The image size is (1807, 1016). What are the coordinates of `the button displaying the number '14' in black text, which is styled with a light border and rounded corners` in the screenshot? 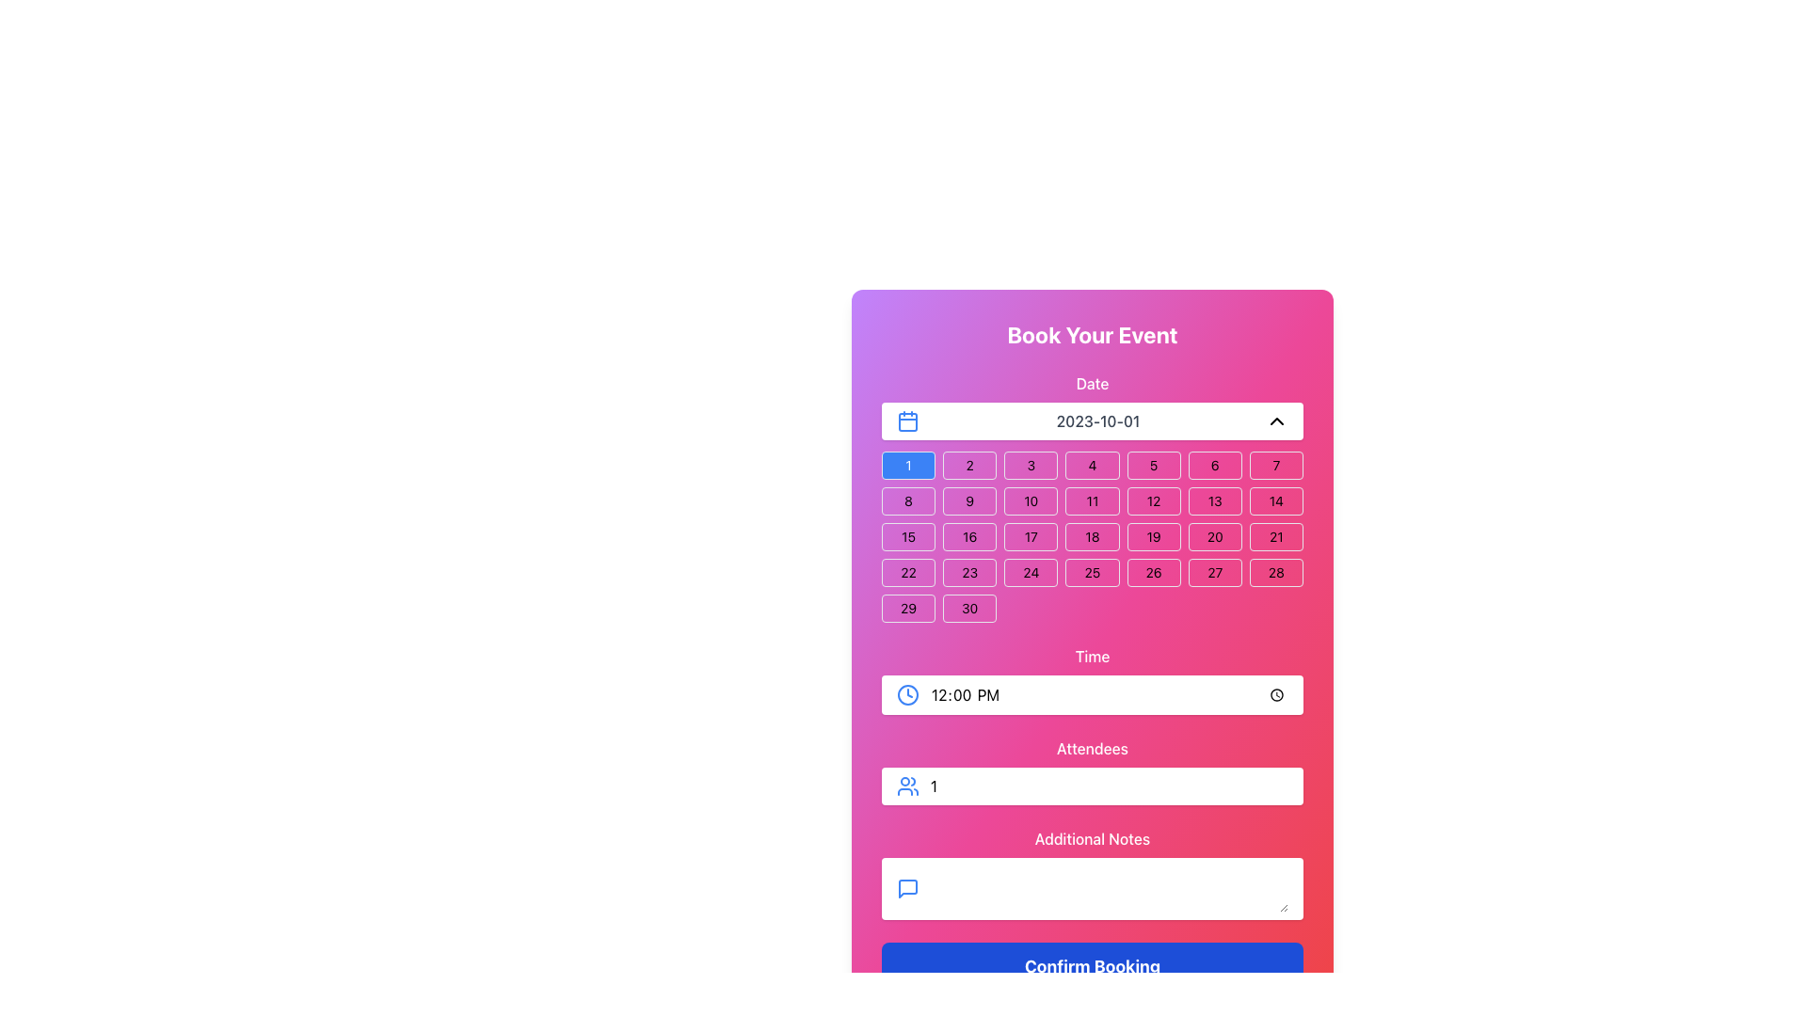 It's located at (1276, 500).